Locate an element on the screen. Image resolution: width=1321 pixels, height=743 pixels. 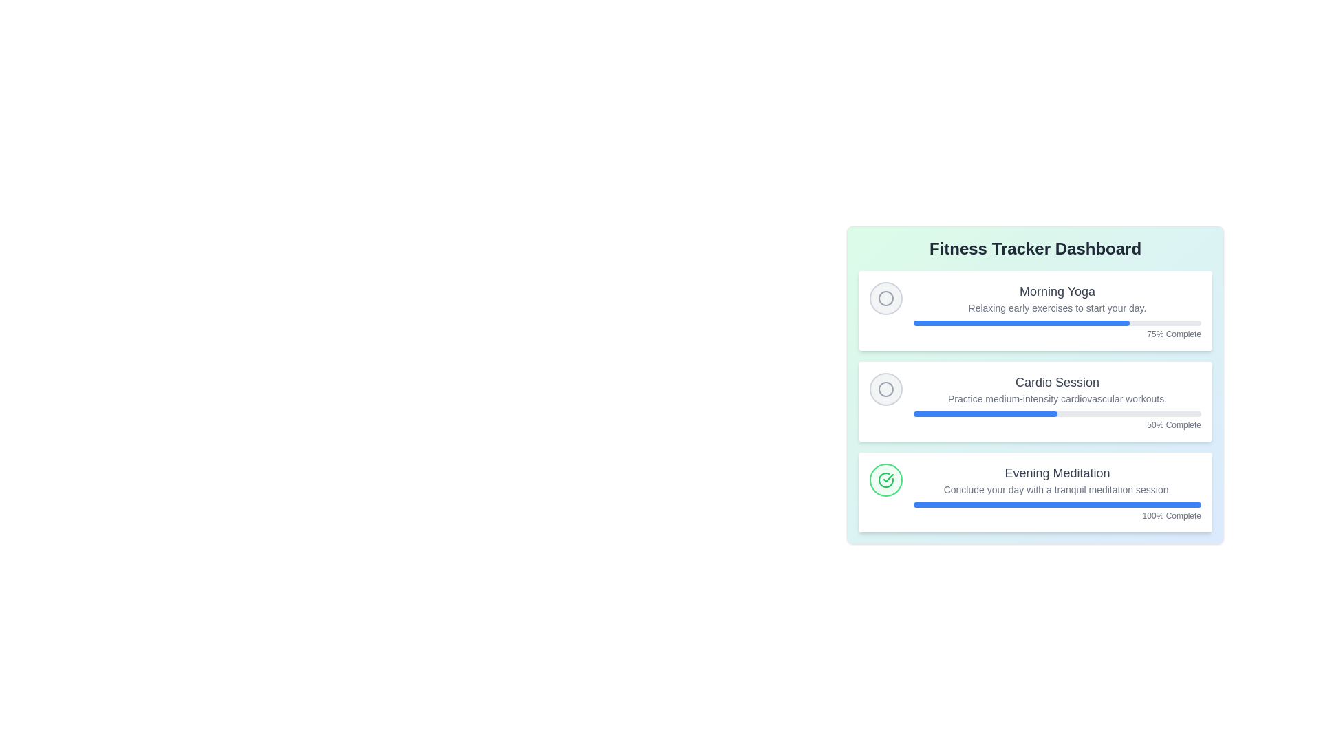
the 'Cardio Session' title text, which is prominently displayed in a larger, bold font style with a medium-gray color, located in the second section of the 'Fitness Tracker Dashboard' is located at coordinates (1056, 382).